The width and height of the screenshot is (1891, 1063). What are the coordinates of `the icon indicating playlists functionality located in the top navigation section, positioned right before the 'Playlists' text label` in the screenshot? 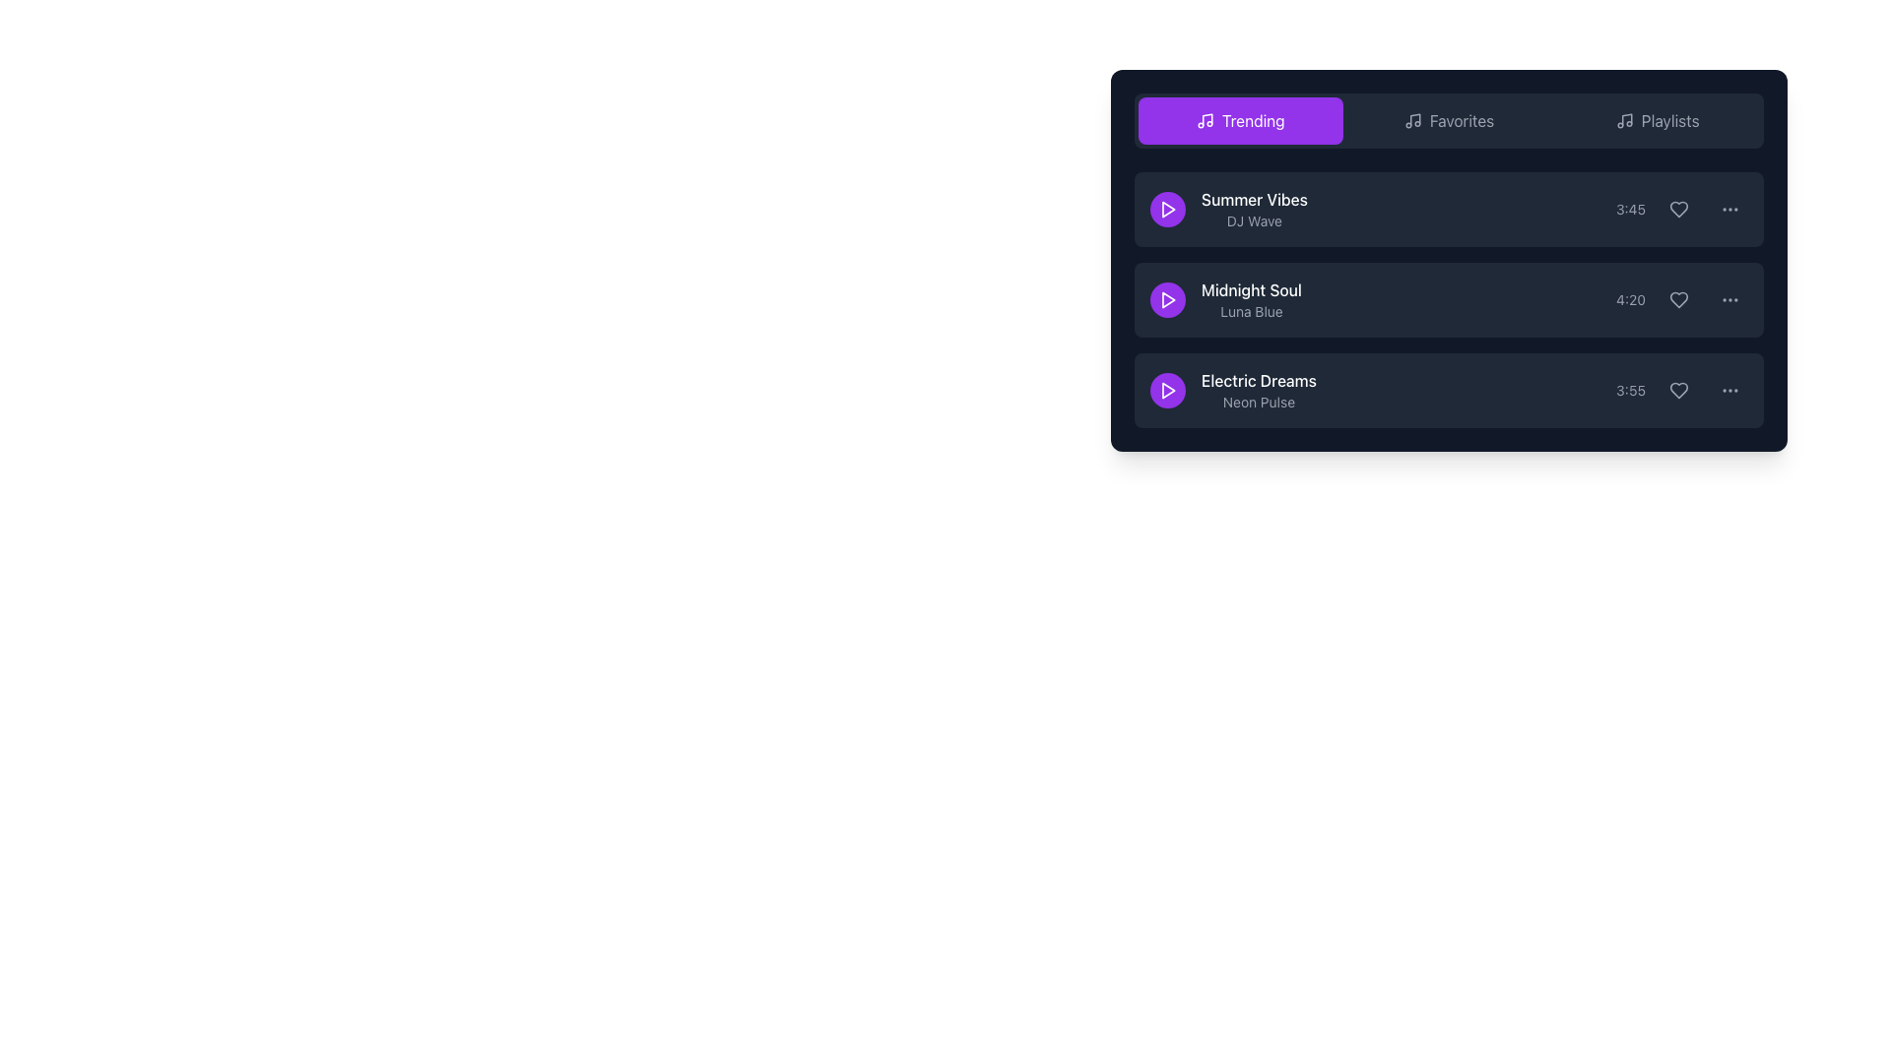 It's located at (1624, 121).